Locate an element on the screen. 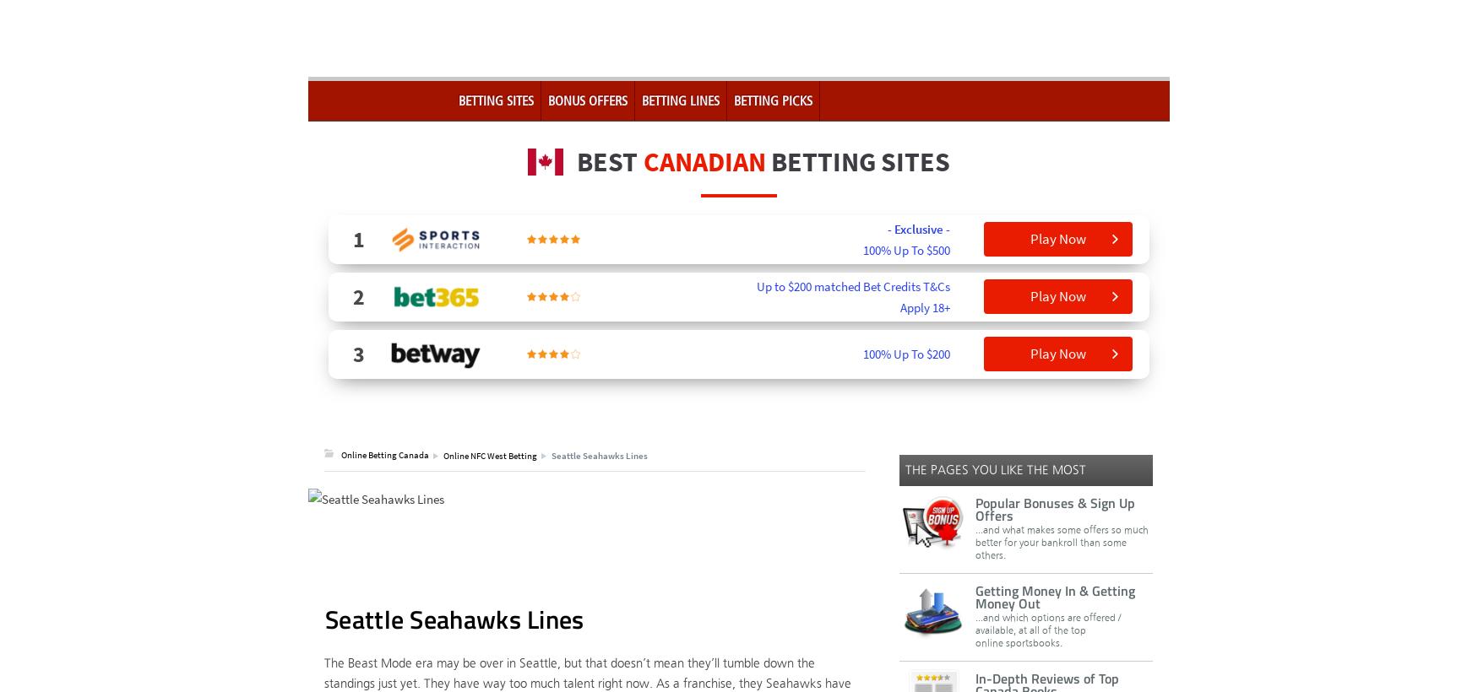 Image resolution: width=1478 pixels, height=692 pixels. '...and which options are offered / available, at all of the top online sportsbooks.' is located at coordinates (975, 629).